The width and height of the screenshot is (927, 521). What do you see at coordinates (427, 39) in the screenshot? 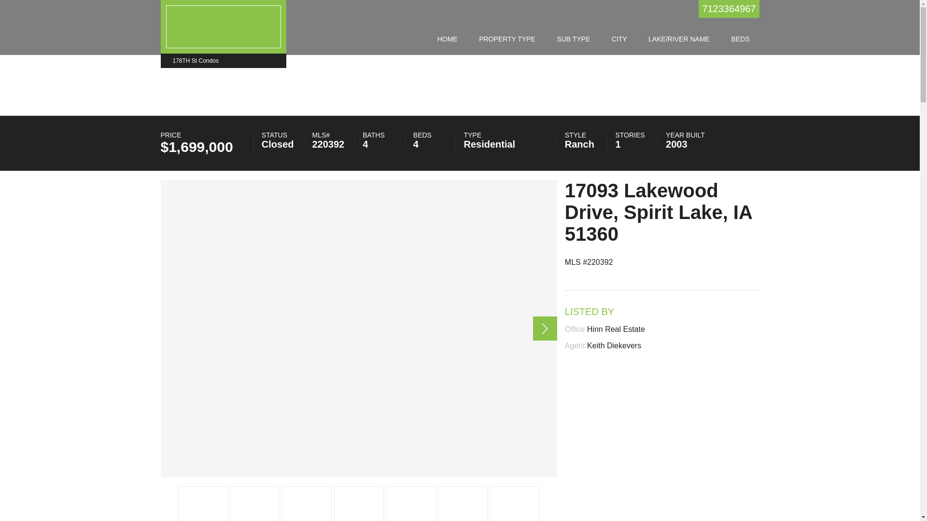
I see `'HOME'` at bounding box center [427, 39].